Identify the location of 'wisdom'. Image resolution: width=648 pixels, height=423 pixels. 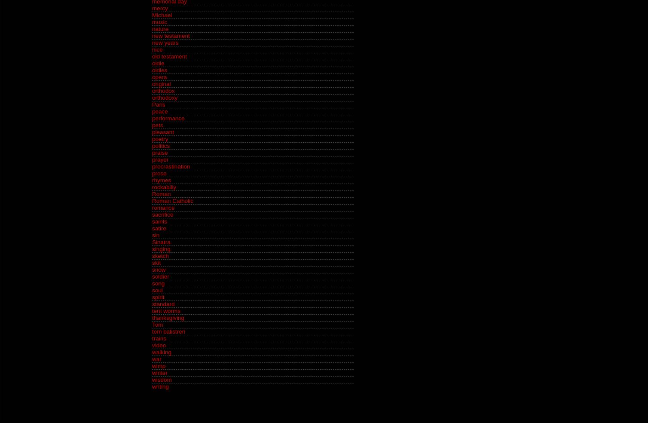
(151, 380).